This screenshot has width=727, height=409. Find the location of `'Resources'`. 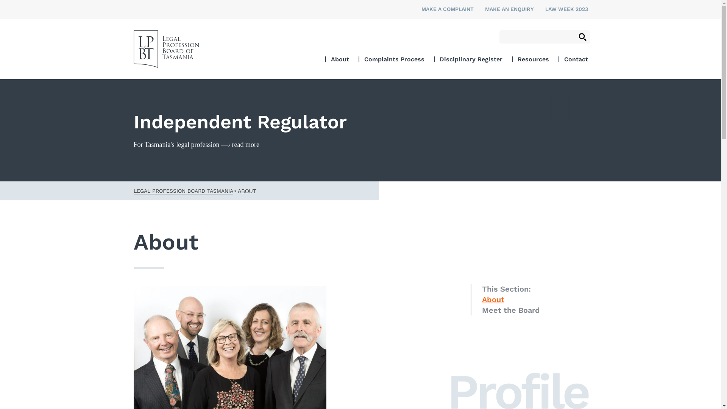

'Resources' is located at coordinates (532, 59).